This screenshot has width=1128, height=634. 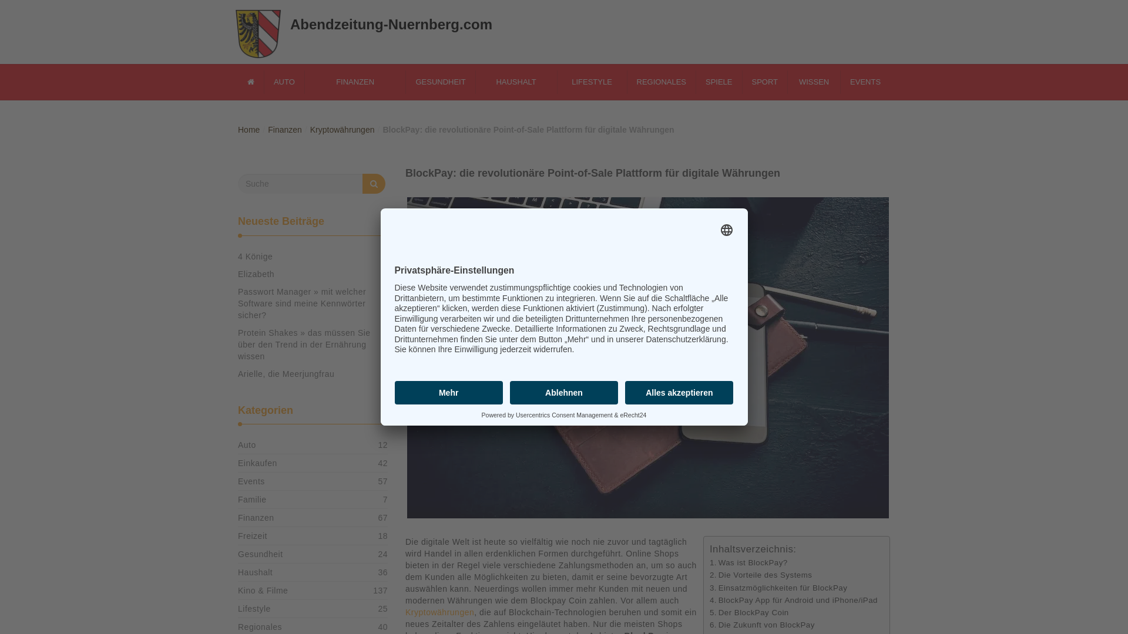 What do you see at coordinates (350, 81) in the screenshot?
I see `'FINANZEN'` at bounding box center [350, 81].